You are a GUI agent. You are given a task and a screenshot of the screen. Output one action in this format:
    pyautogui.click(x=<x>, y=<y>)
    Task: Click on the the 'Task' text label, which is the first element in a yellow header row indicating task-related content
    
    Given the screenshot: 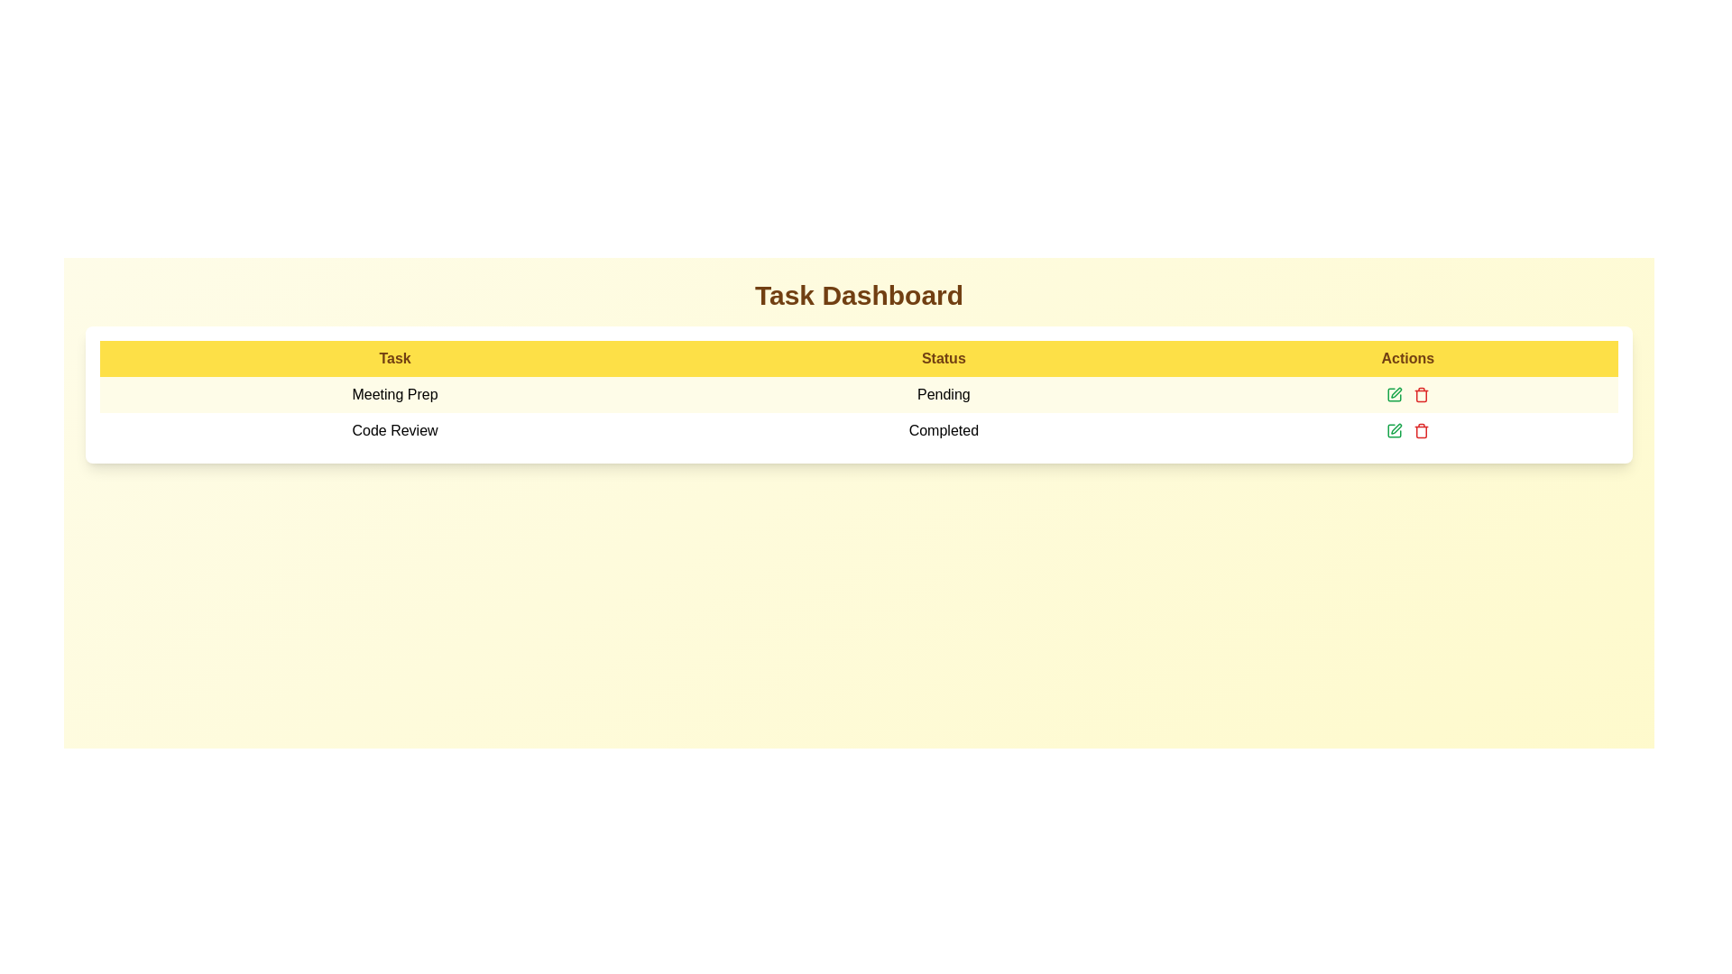 What is the action you would take?
    pyautogui.click(x=393, y=358)
    